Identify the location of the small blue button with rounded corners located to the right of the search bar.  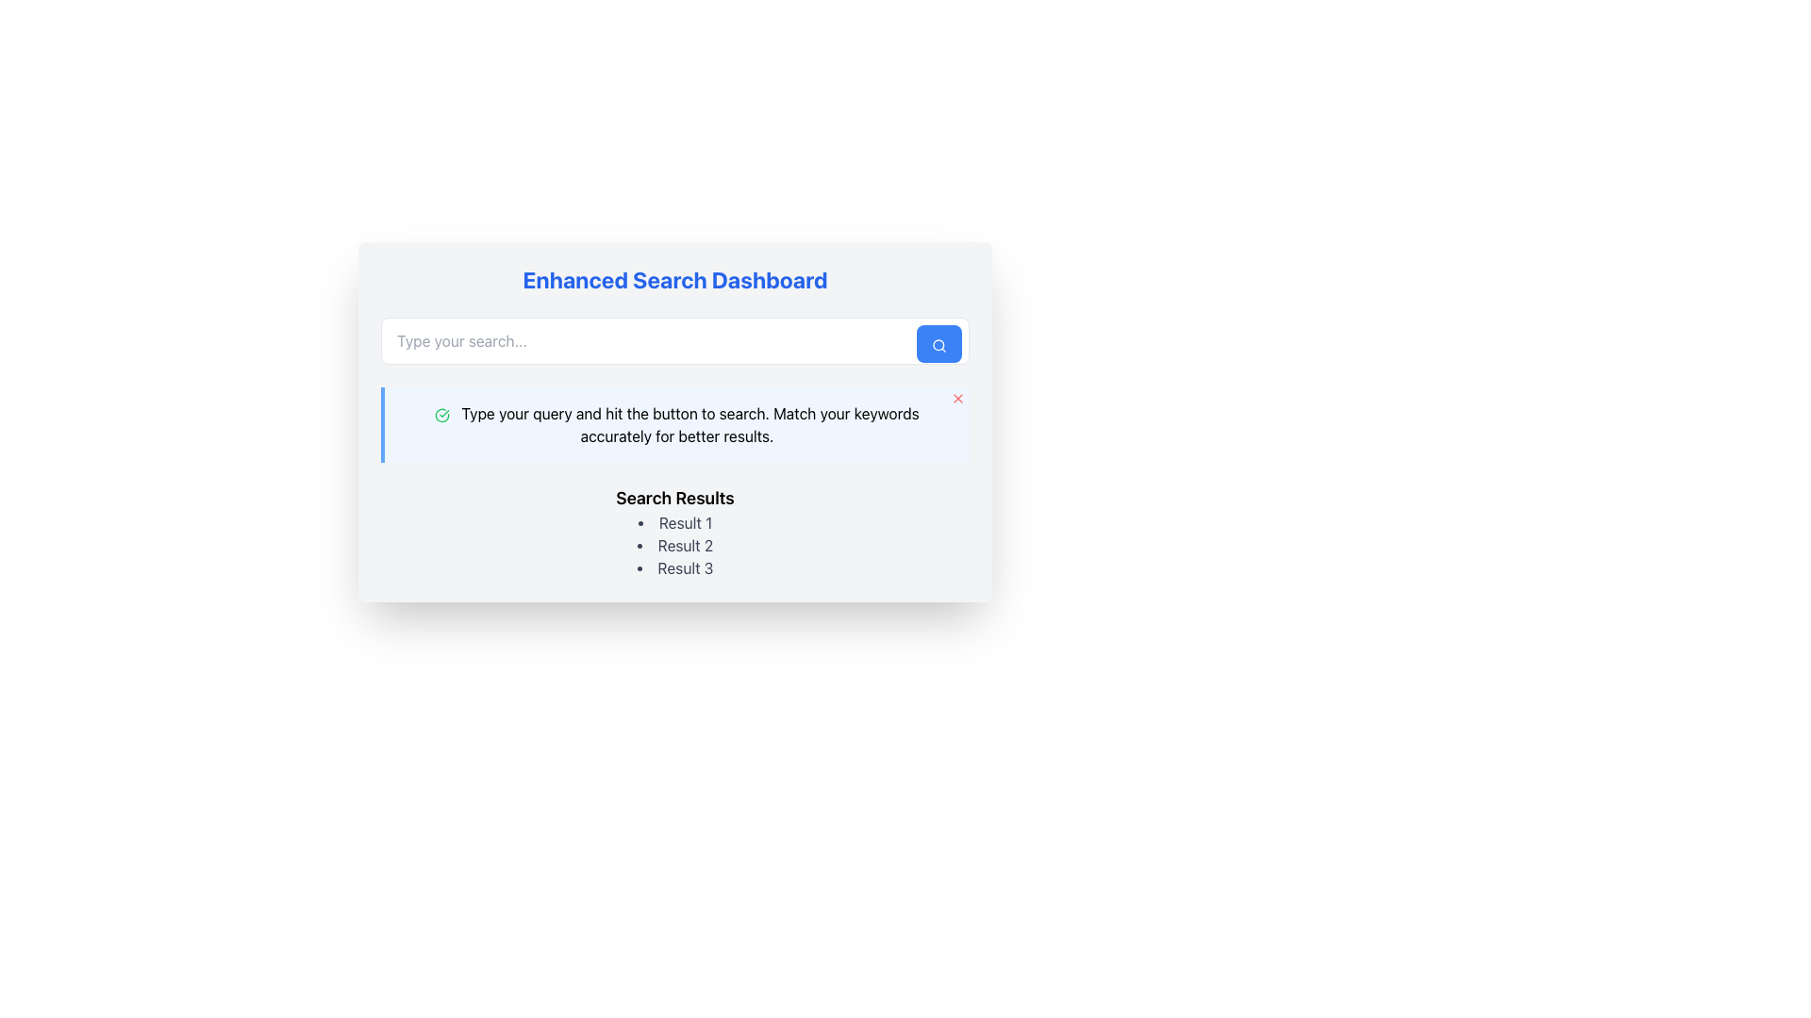
(939, 344).